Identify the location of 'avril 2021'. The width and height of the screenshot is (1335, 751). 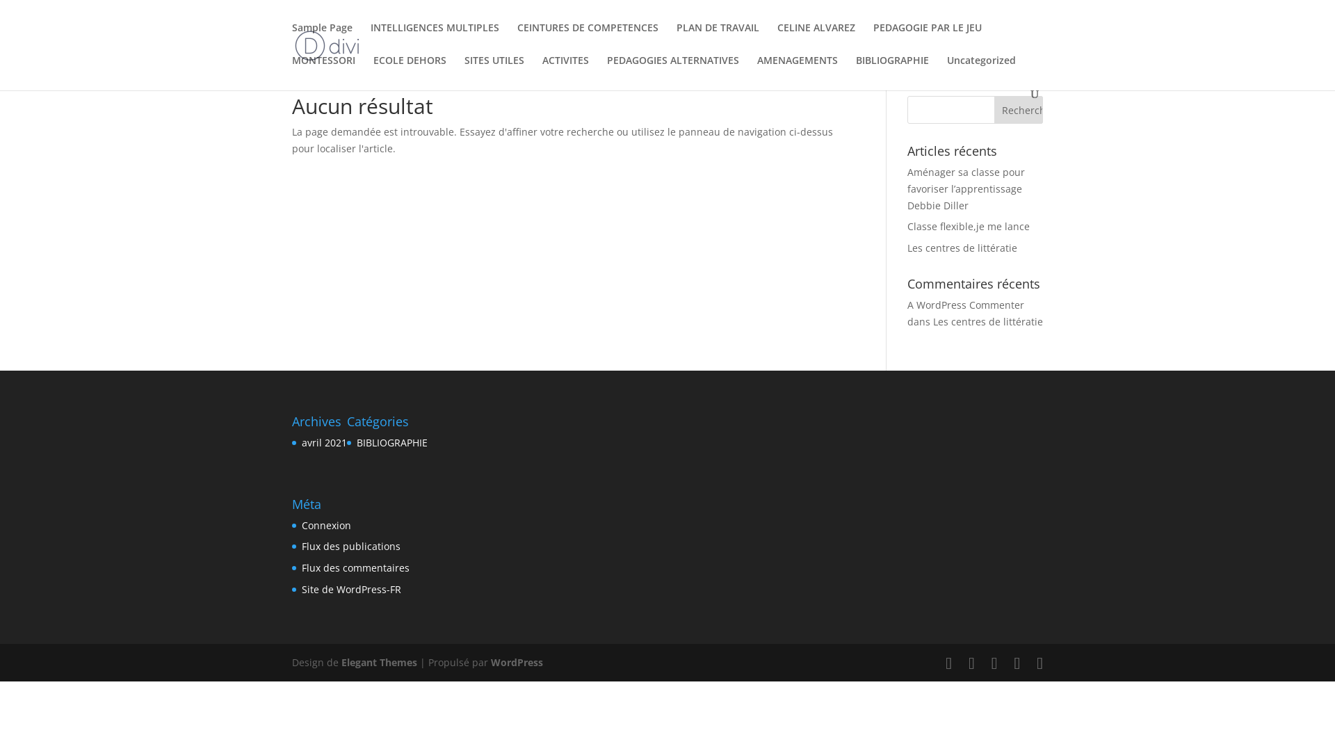
(323, 442).